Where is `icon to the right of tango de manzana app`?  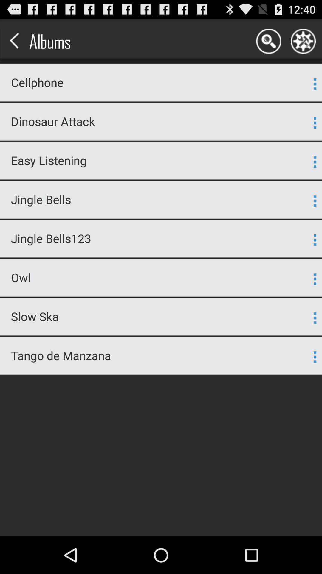 icon to the right of tango de manzana app is located at coordinates (315, 357).